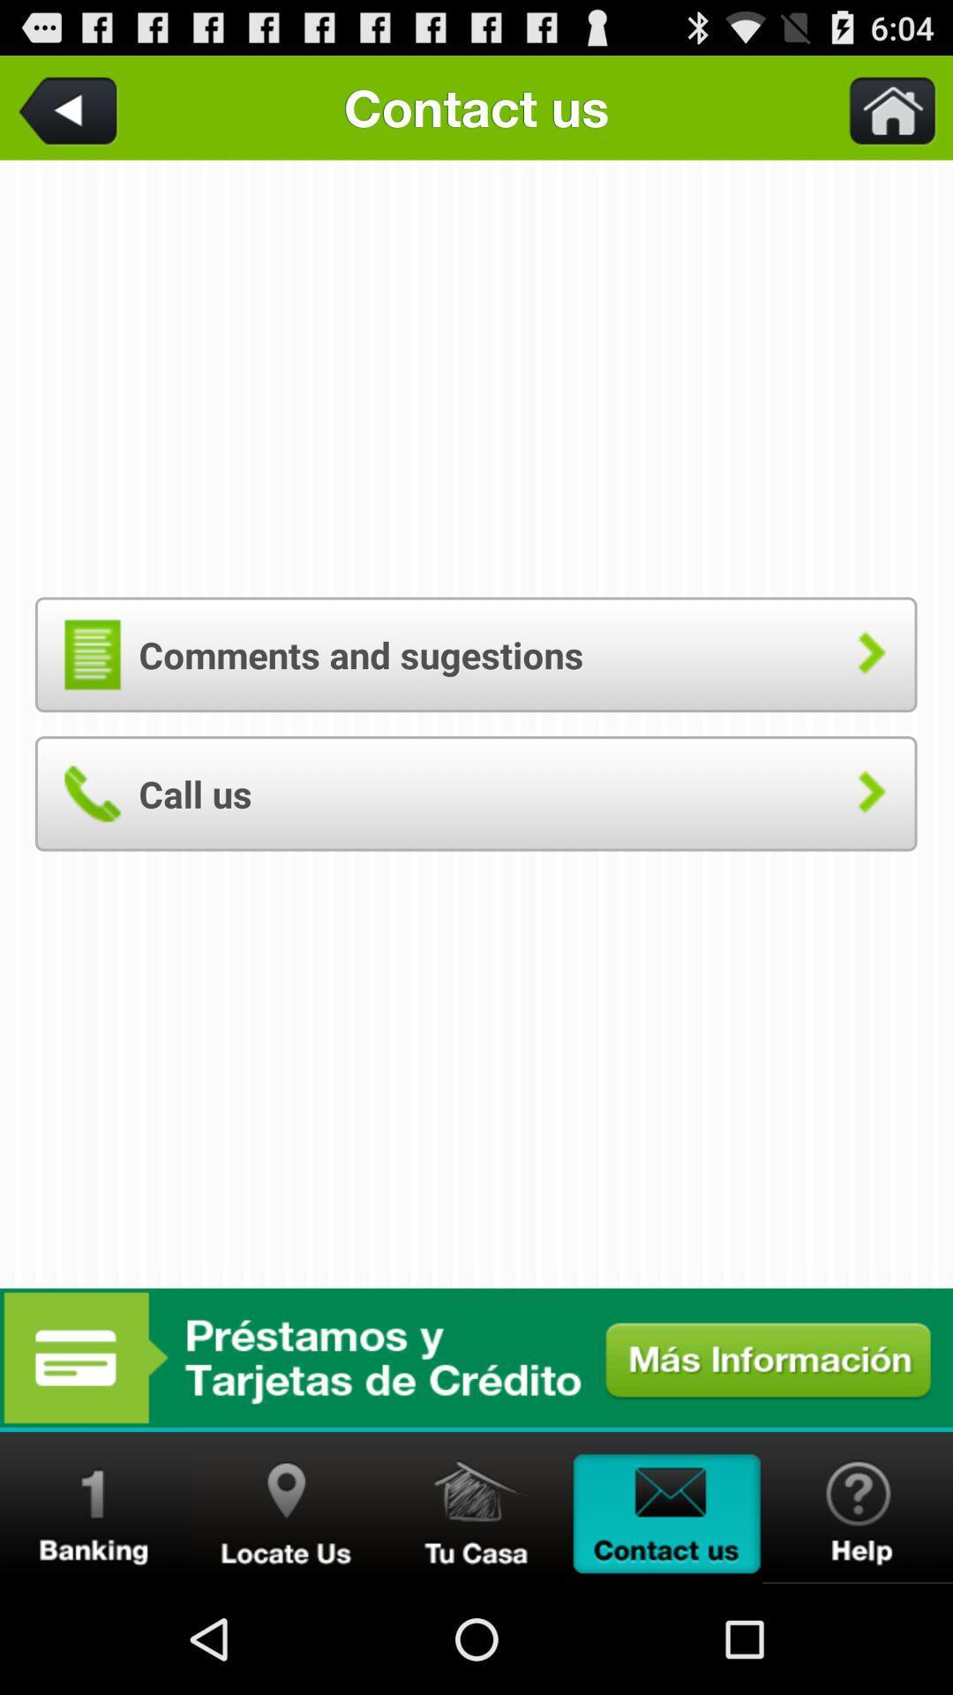  Describe the element at coordinates (95, 1507) in the screenshot. I see `banking information option` at that location.